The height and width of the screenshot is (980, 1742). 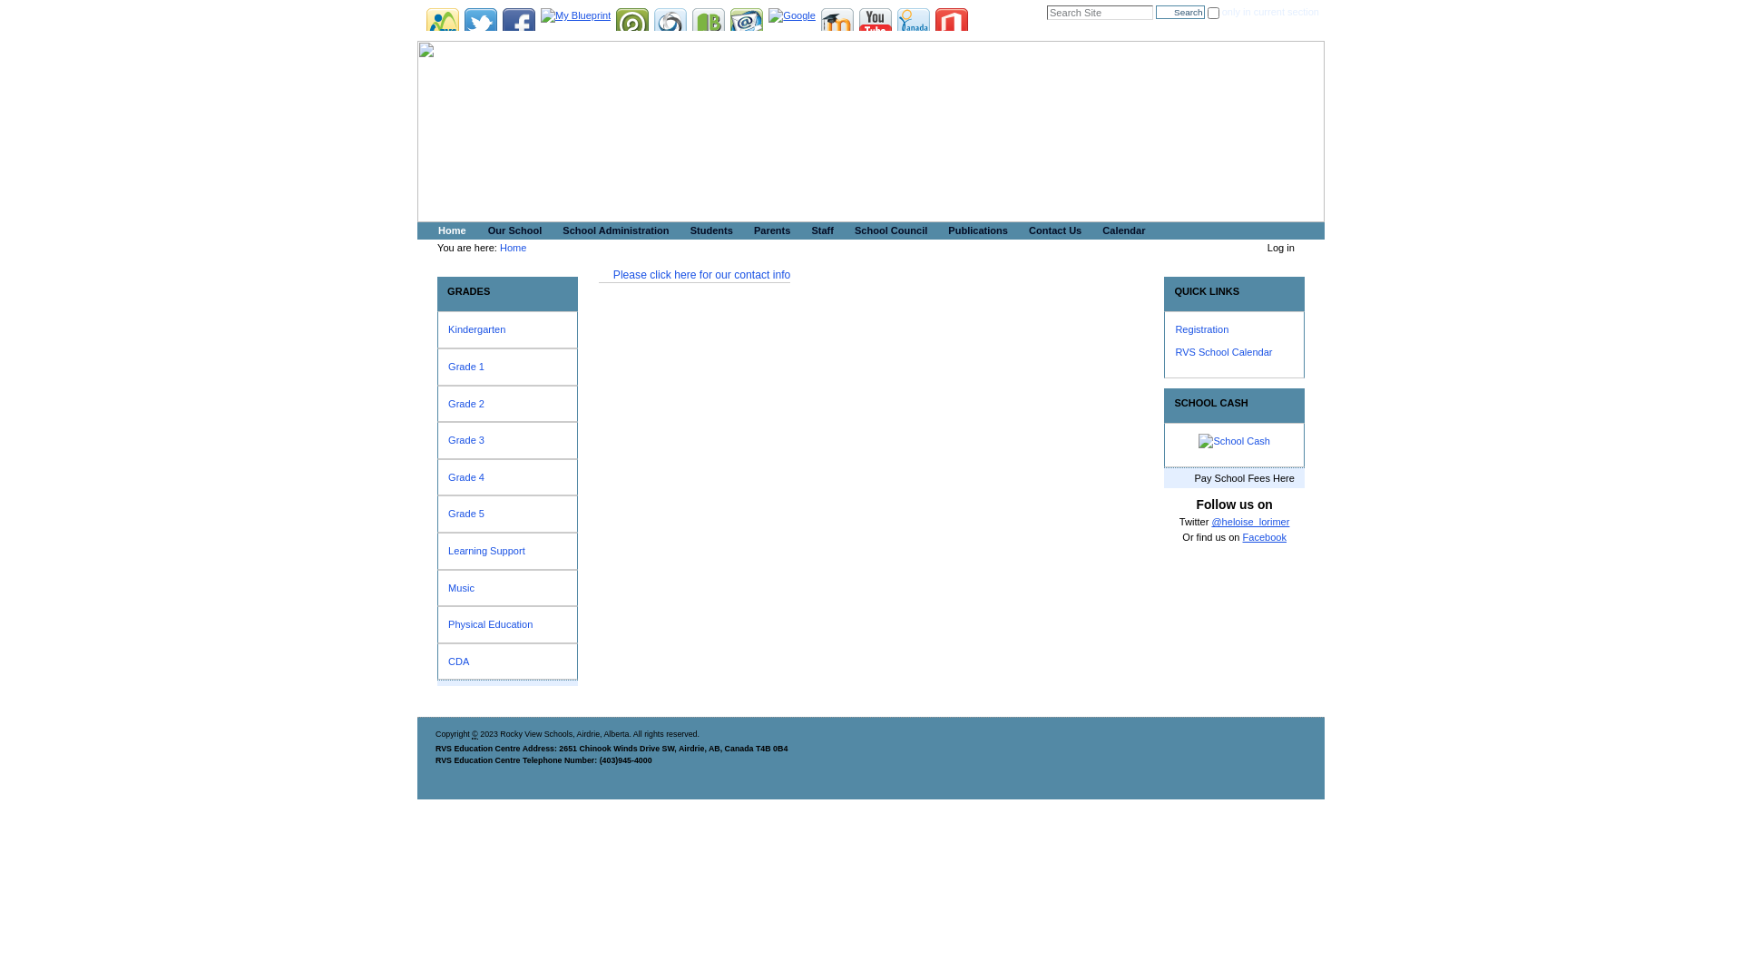 I want to click on 'Please click here for our contact info', so click(x=599, y=275).